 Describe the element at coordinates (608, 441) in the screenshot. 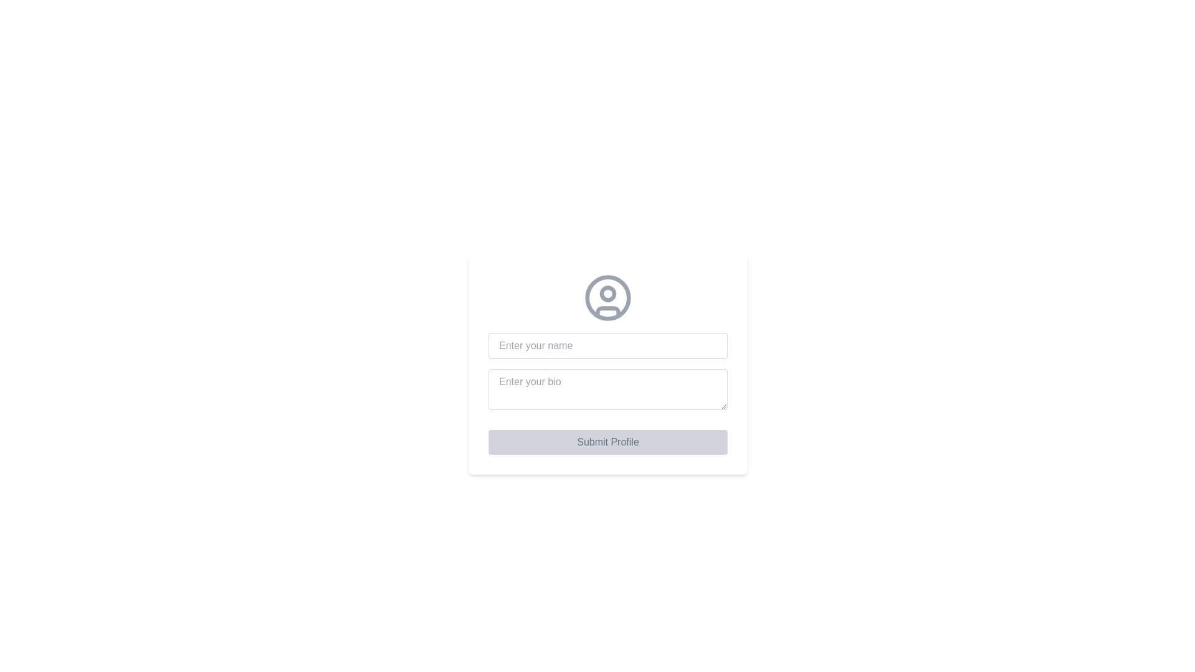

I see `the submit button for user profile information located at the bottom of the layout beneath the text input fields, which is currently inactive and styled with a white background and rounded corners` at that location.